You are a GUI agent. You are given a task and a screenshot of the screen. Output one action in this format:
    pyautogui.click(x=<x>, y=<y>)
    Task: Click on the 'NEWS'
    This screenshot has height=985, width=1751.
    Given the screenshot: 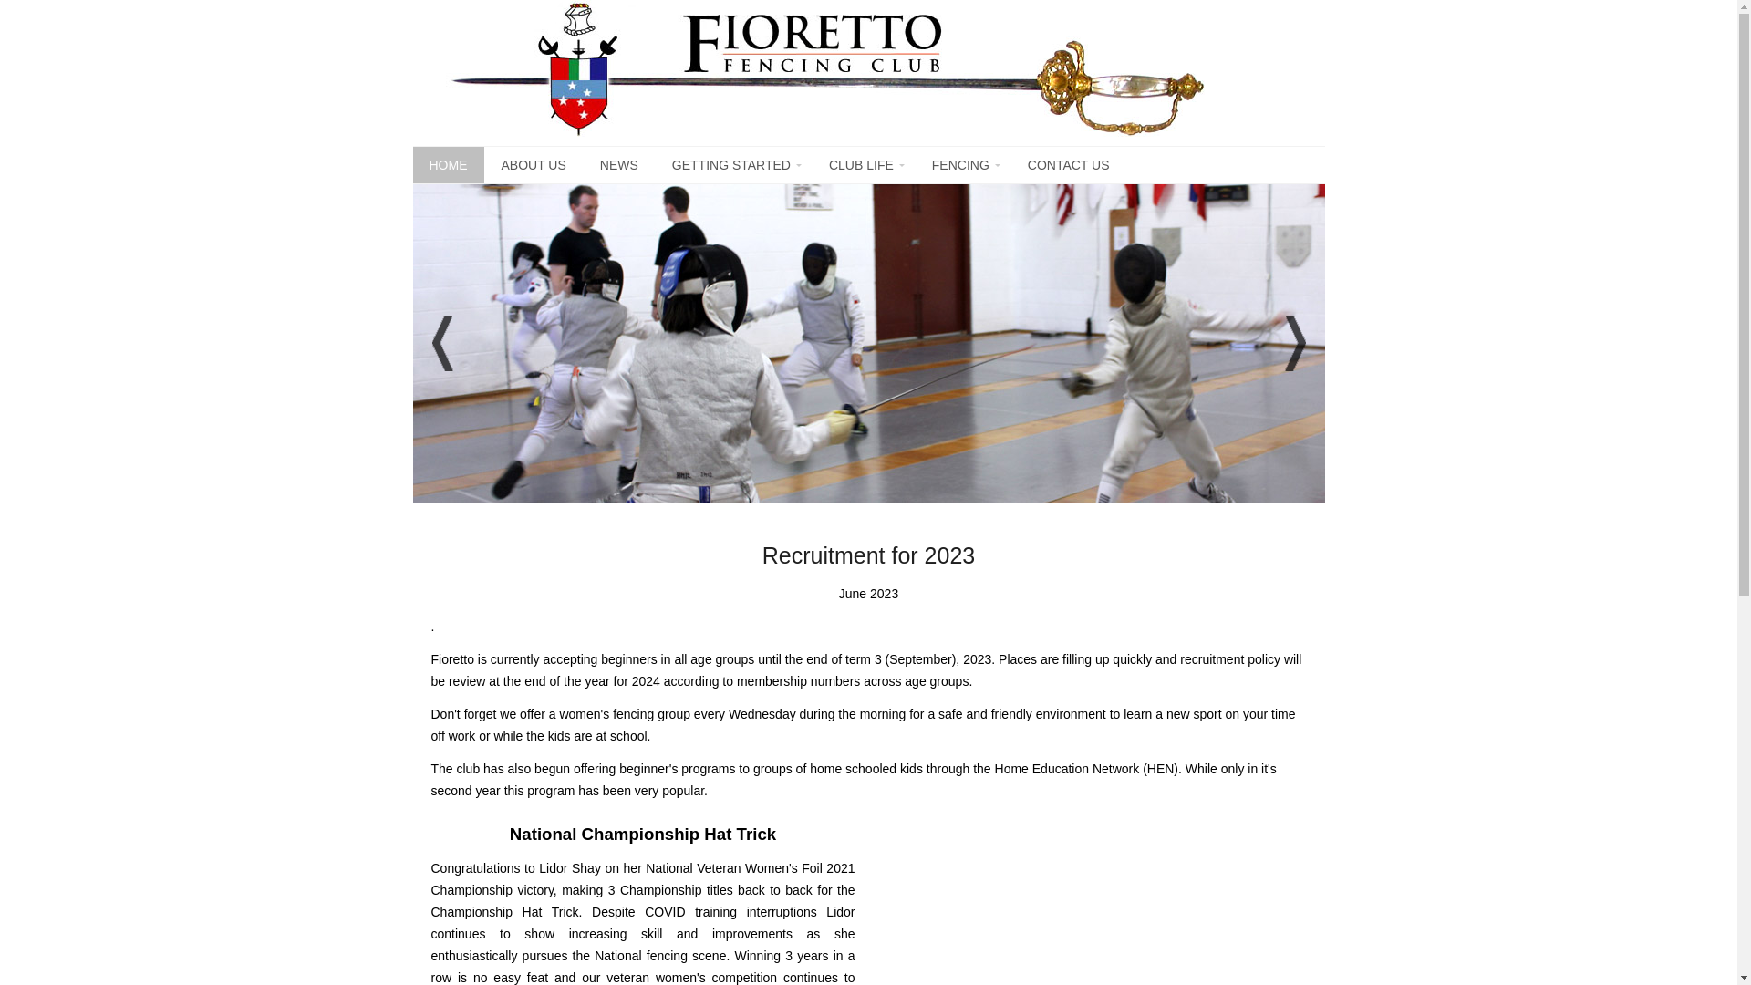 What is the action you would take?
    pyautogui.click(x=618, y=165)
    